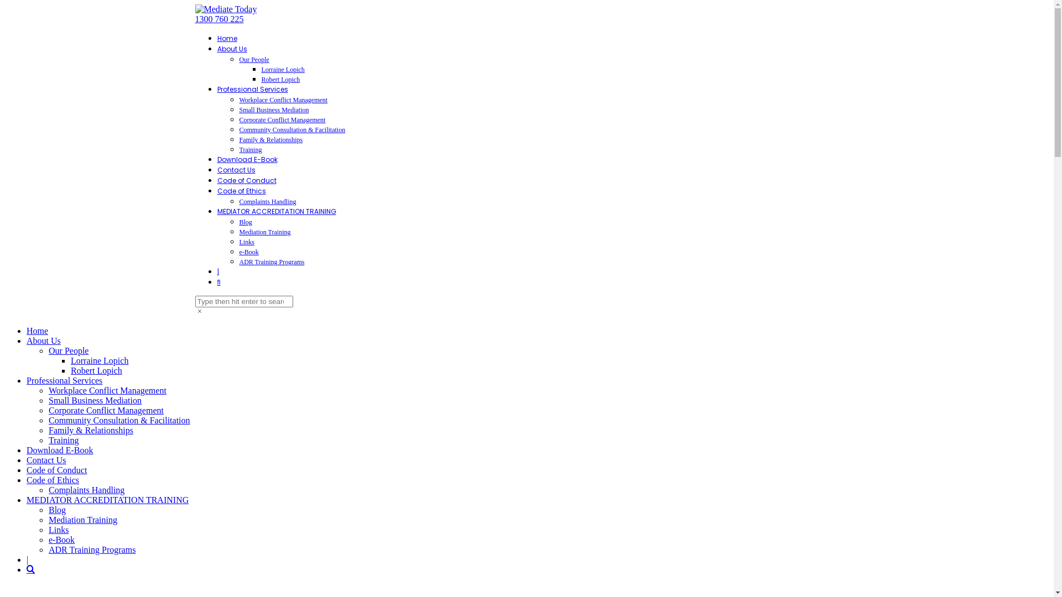 This screenshot has width=1062, height=597. I want to click on 'Complaints Handling', so click(267, 202).